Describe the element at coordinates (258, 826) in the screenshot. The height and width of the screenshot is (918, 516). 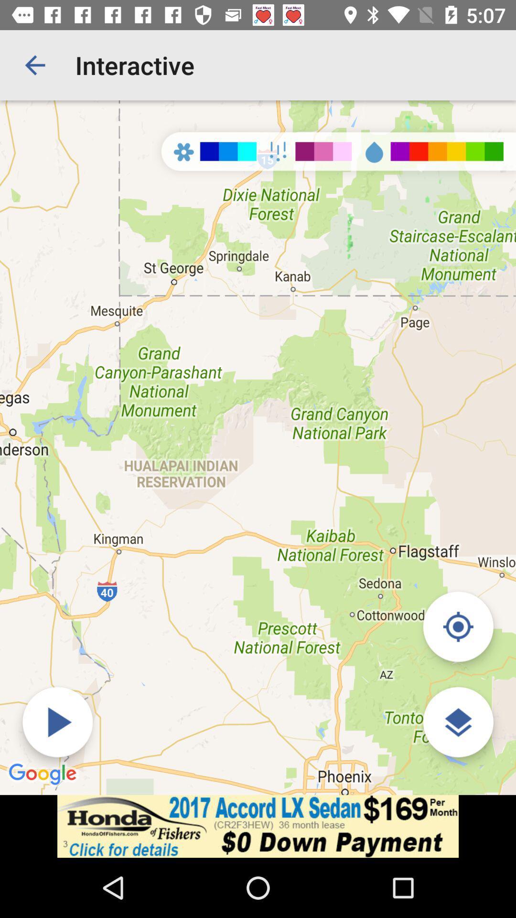
I see `redirects you to offer page` at that location.